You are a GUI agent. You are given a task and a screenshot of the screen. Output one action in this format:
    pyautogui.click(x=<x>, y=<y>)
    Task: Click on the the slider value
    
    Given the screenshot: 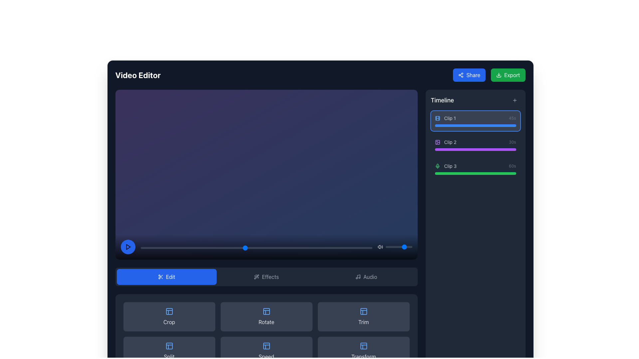 What is the action you would take?
    pyautogui.click(x=388, y=247)
    